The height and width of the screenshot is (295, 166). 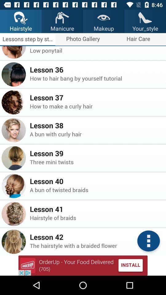 I want to click on the profile which says lesson 39, so click(x=14, y=158).